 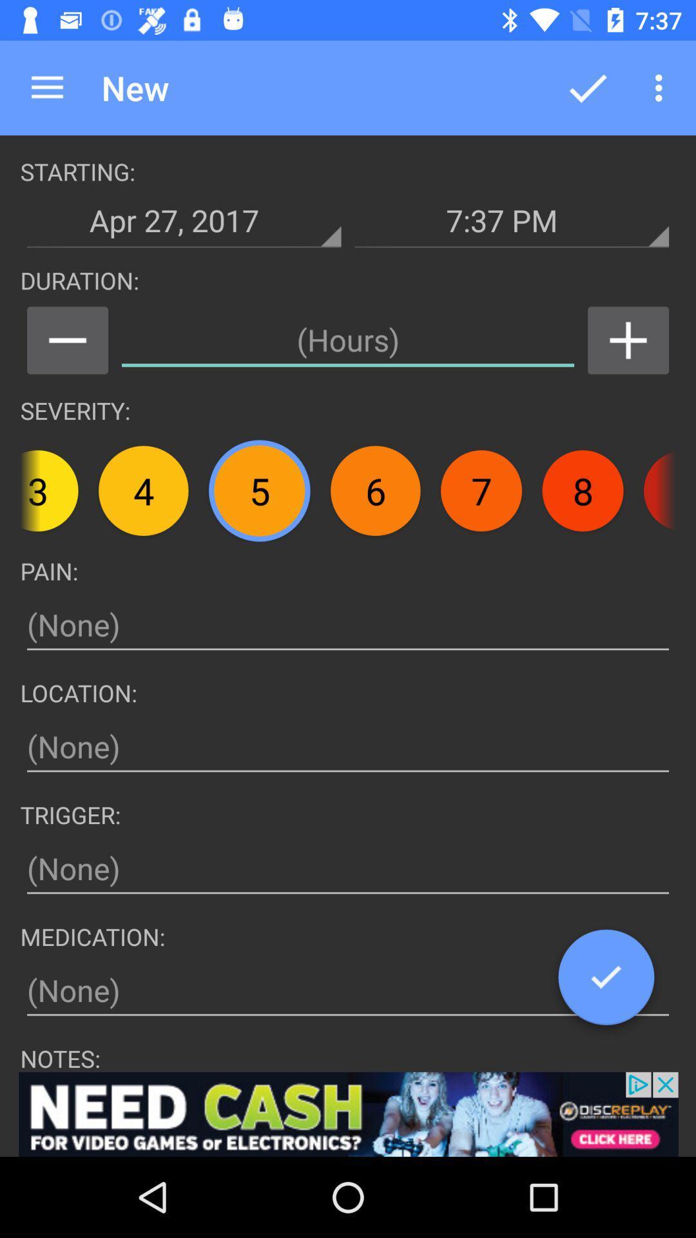 I want to click on pain information, so click(x=348, y=625).